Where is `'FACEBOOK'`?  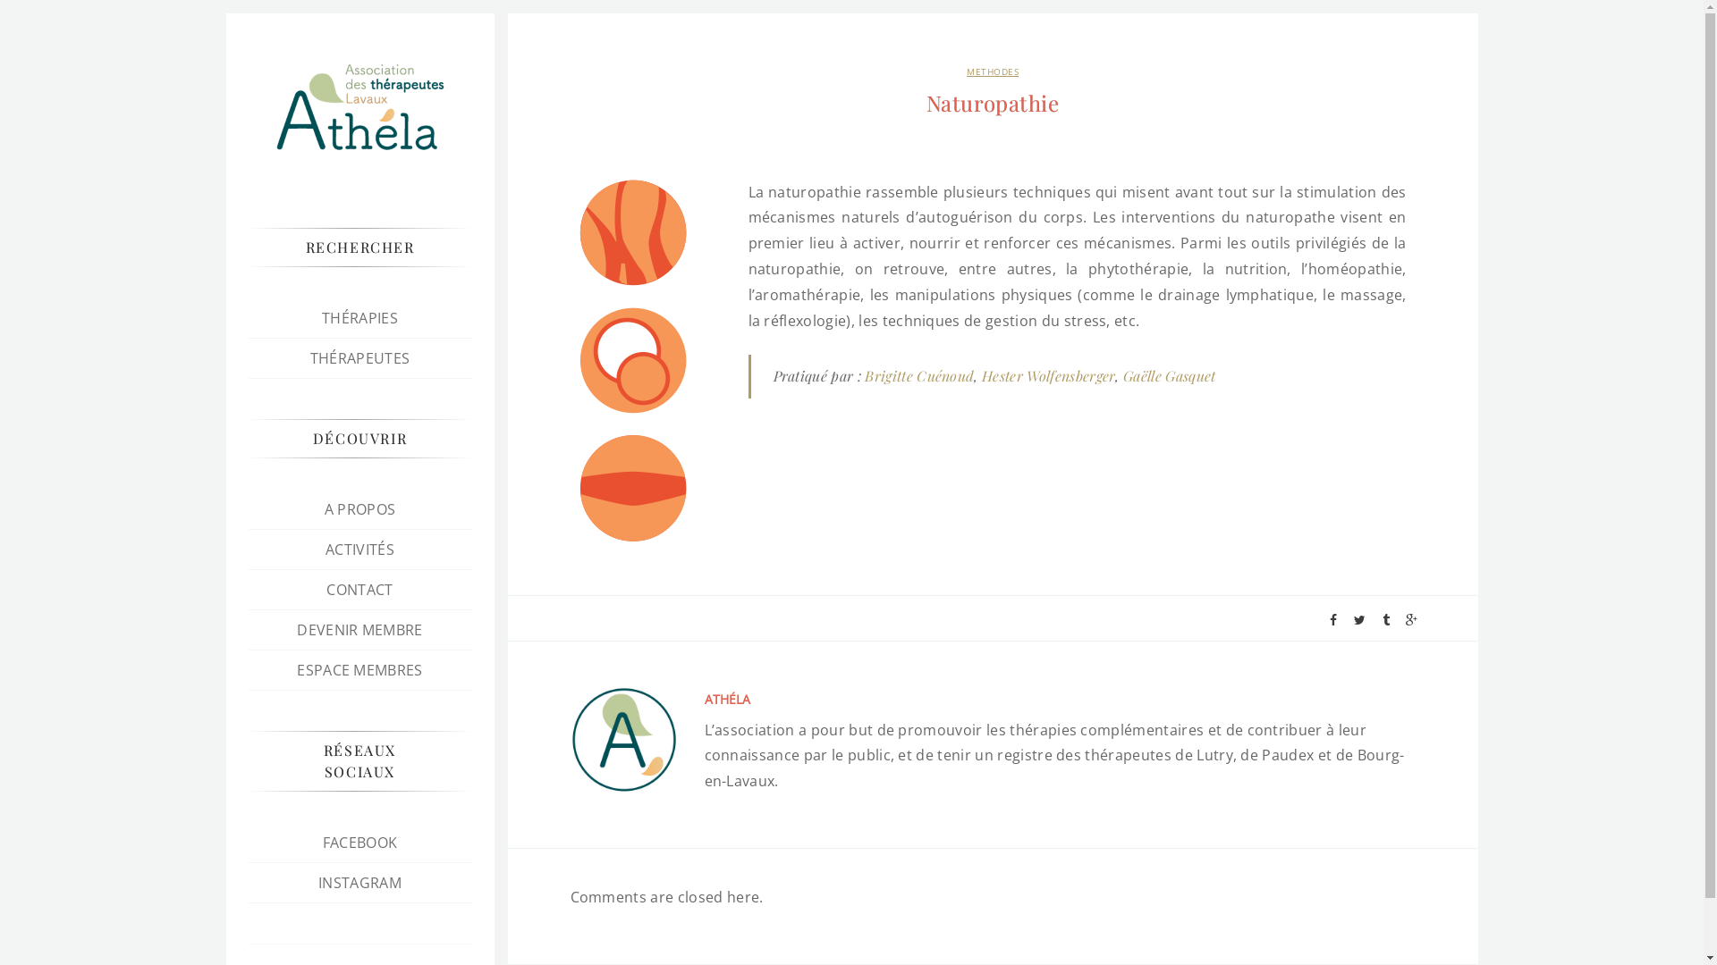 'FACEBOOK' is located at coordinates (322, 842).